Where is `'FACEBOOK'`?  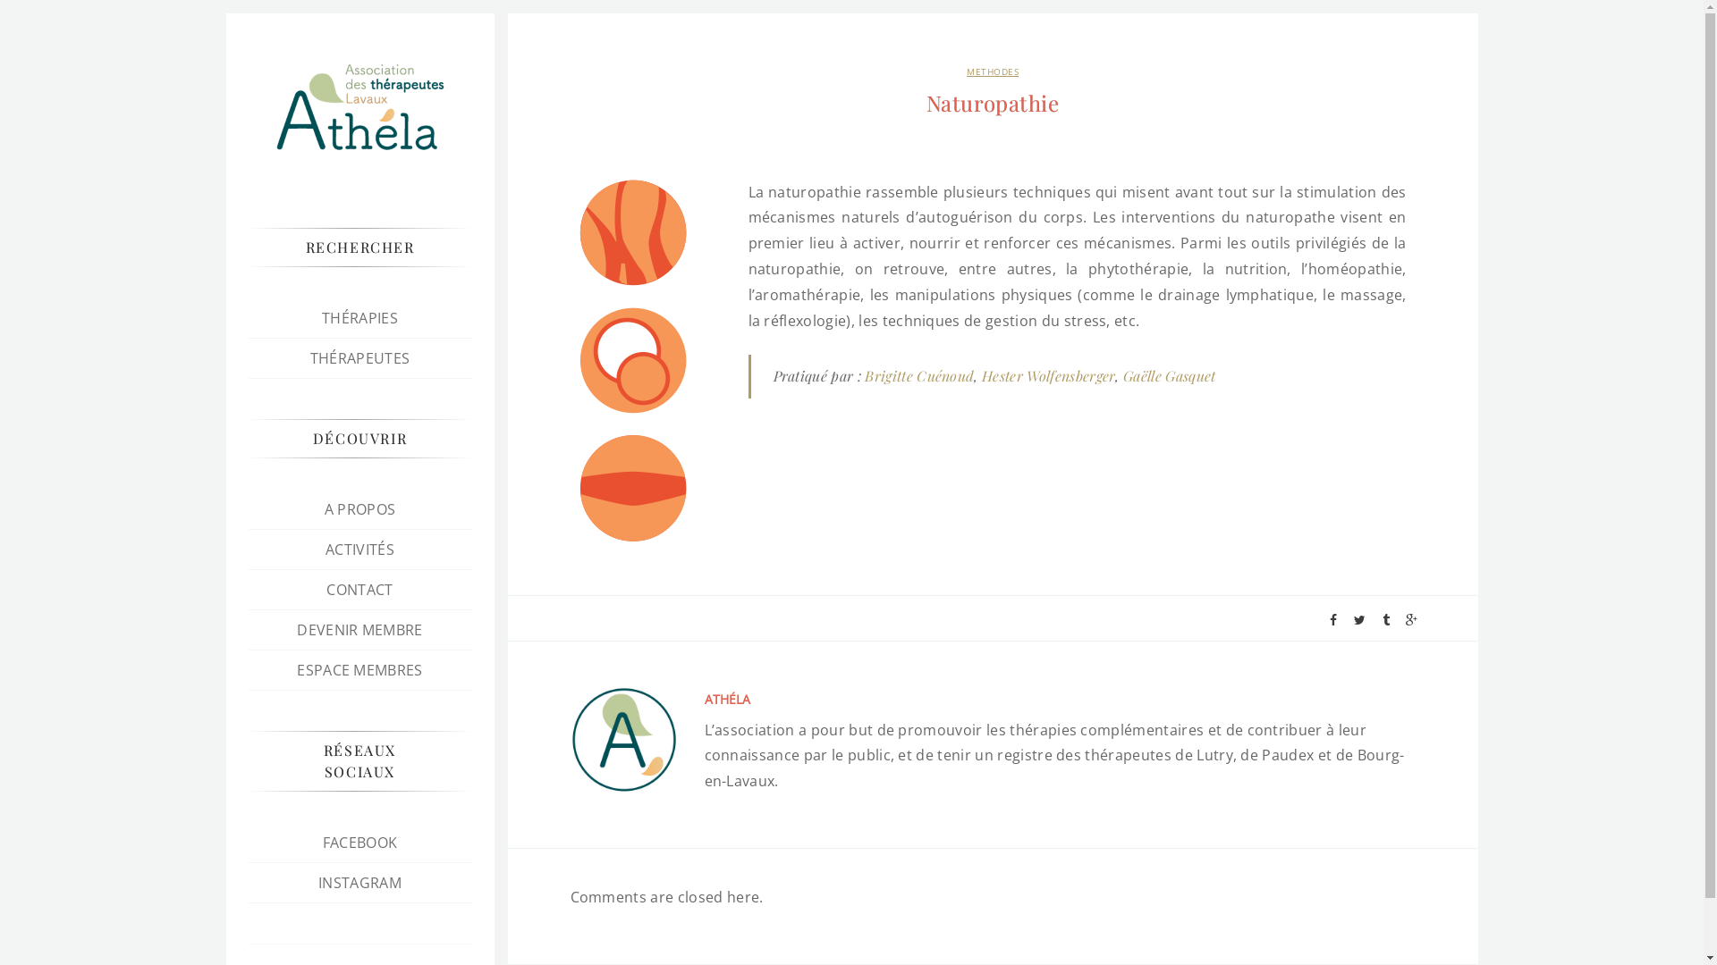 'FACEBOOK' is located at coordinates (322, 842).